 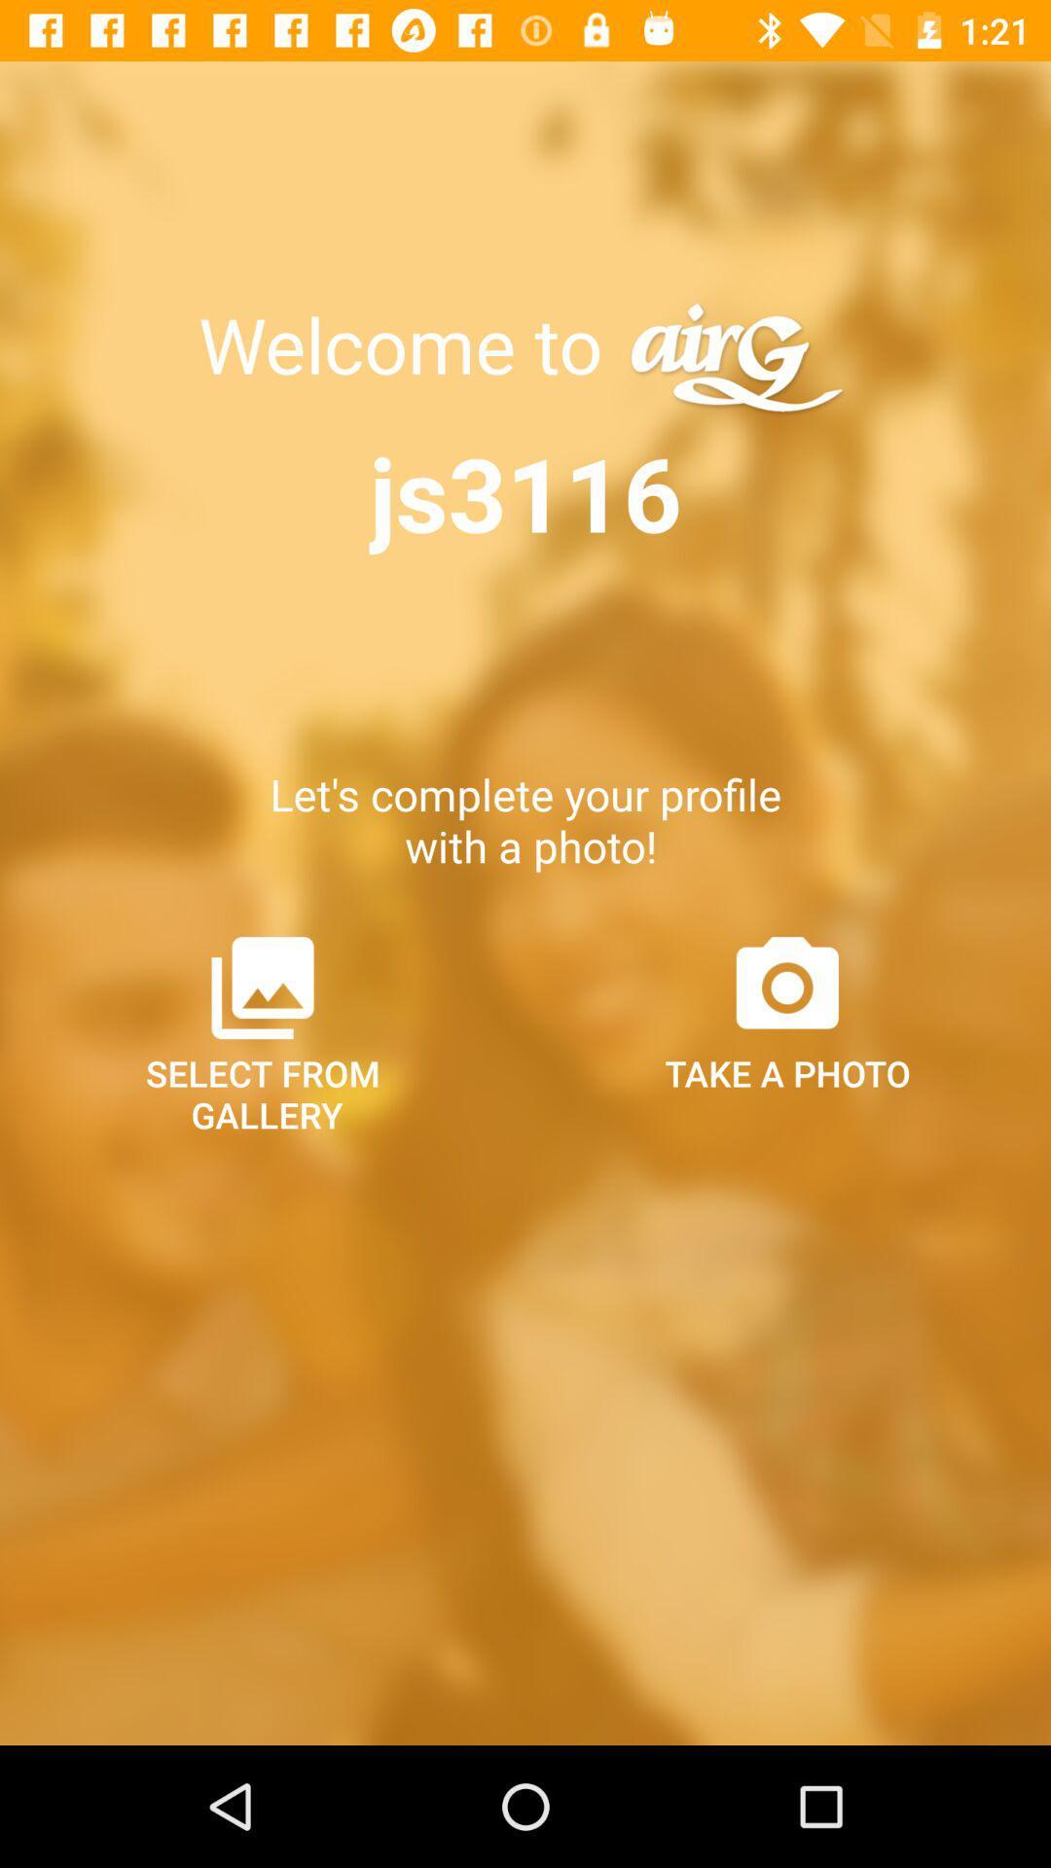 I want to click on the welcome to  item, so click(x=409, y=344).